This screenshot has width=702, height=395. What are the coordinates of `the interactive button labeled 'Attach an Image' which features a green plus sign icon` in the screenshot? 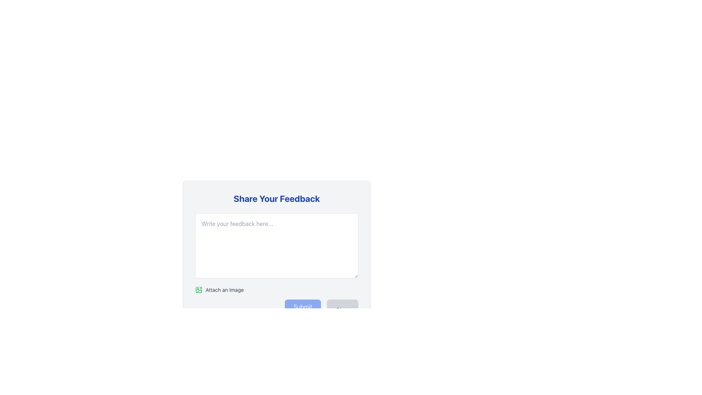 It's located at (219, 290).